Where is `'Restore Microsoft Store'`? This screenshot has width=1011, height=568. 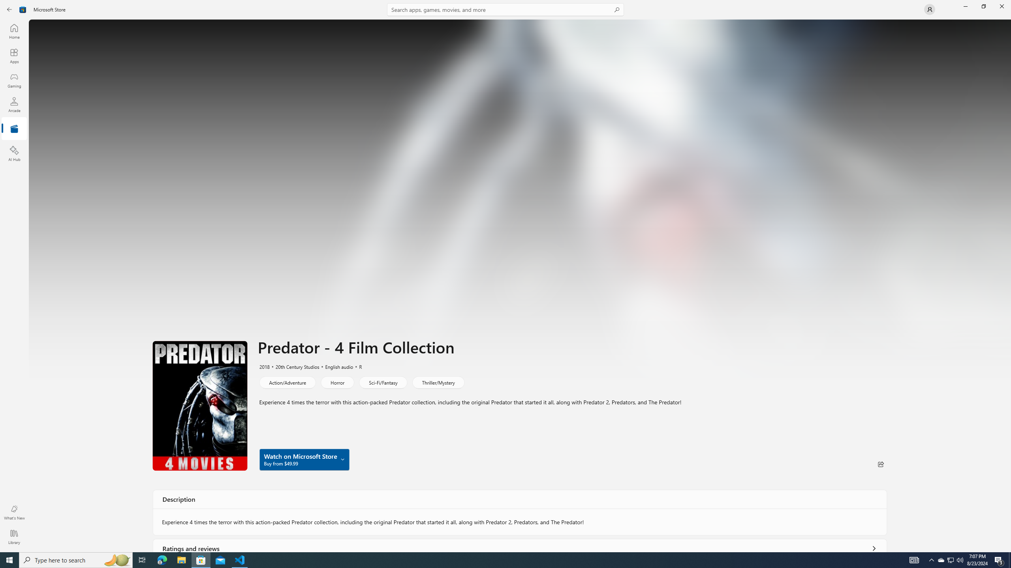
'Restore Microsoft Store' is located at coordinates (983, 6).